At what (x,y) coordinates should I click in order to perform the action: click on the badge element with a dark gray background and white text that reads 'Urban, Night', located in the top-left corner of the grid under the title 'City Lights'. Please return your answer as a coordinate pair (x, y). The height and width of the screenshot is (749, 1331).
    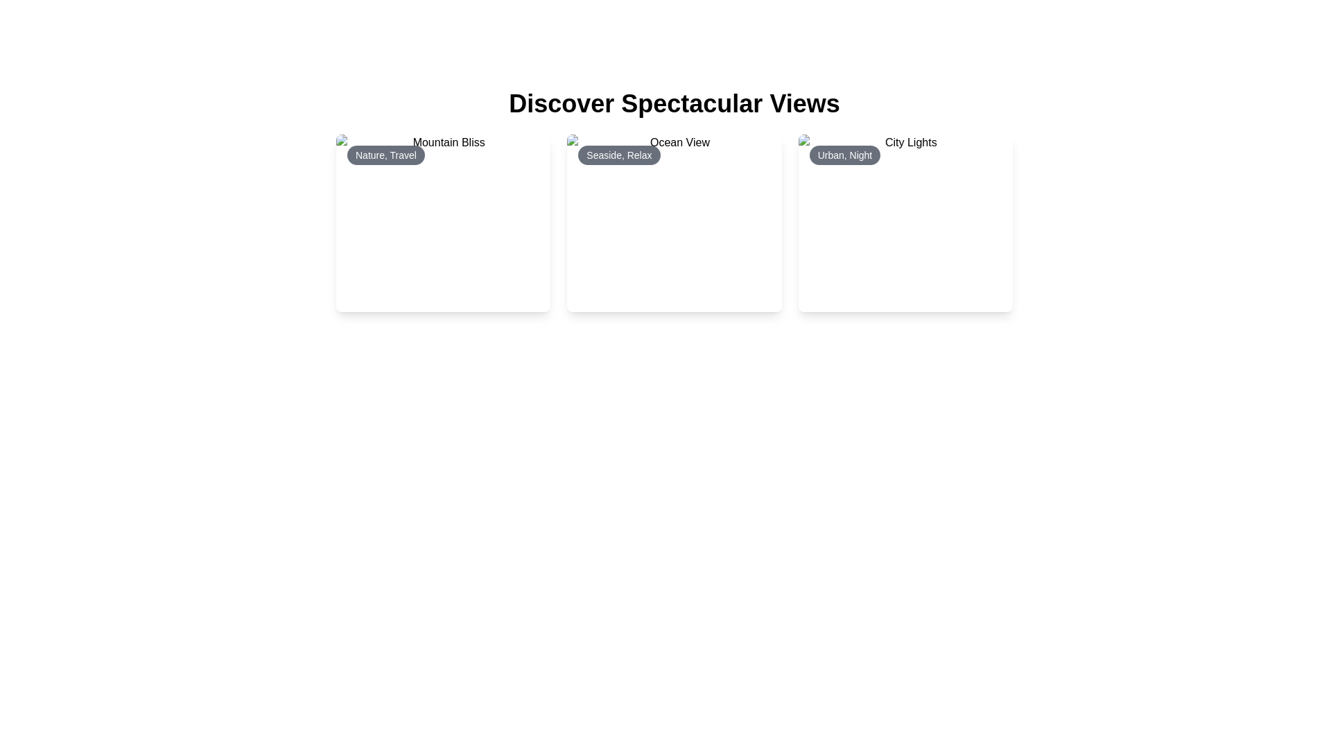
    Looking at the image, I should click on (844, 155).